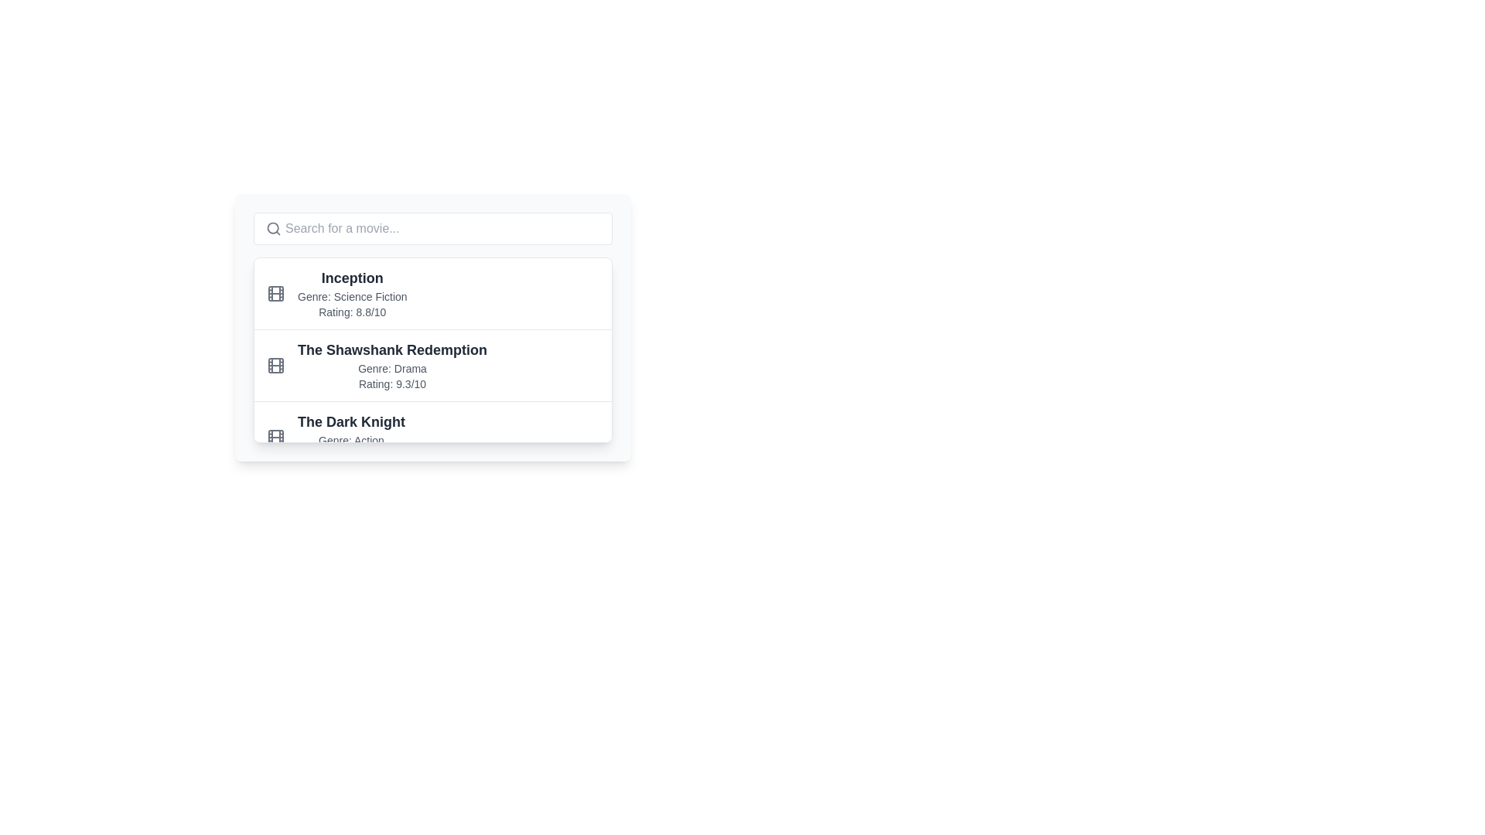 This screenshot has width=1485, height=835. Describe the element at coordinates (275, 438) in the screenshot. I see `the movie film icon located to the left of the title text 'The Dark Knight' in the movie search results block` at that location.